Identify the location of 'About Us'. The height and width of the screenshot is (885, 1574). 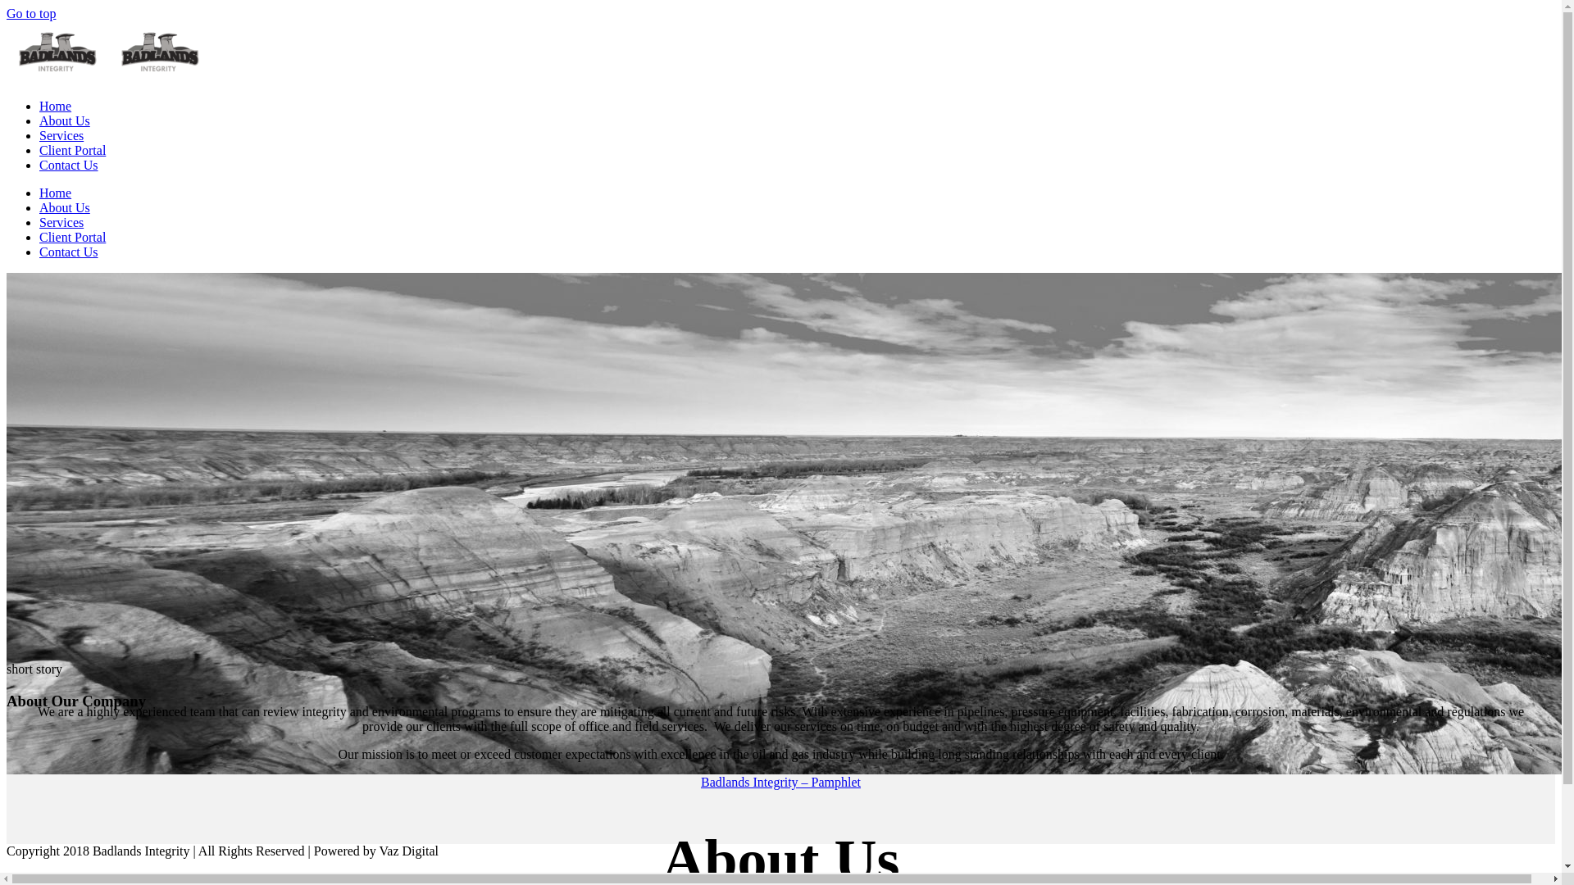
(64, 120).